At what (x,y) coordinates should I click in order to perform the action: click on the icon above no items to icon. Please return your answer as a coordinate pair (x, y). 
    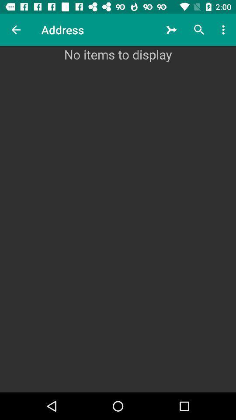
    Looking at the image, I should click on (199, 30).